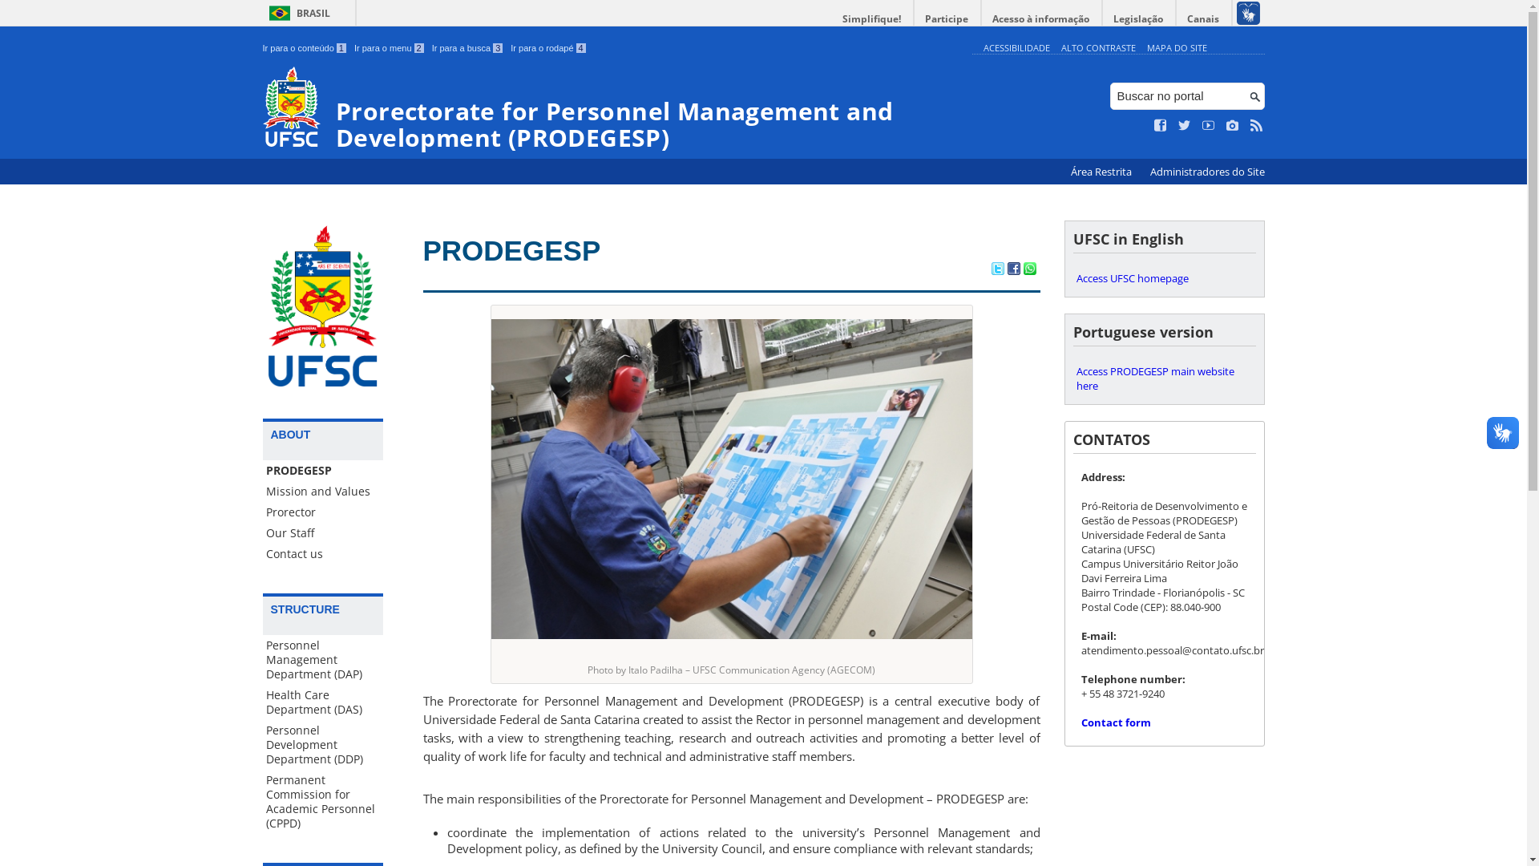 The width and height of the screenshot is (1539, 866). What do you see at coordinates (1204, 18) in the screenshot?
I see `'Canais'` at bounding box center [1204, 18].